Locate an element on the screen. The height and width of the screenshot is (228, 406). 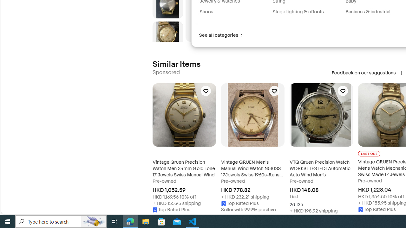
'Shoes' is located at coordinates (233, 12).